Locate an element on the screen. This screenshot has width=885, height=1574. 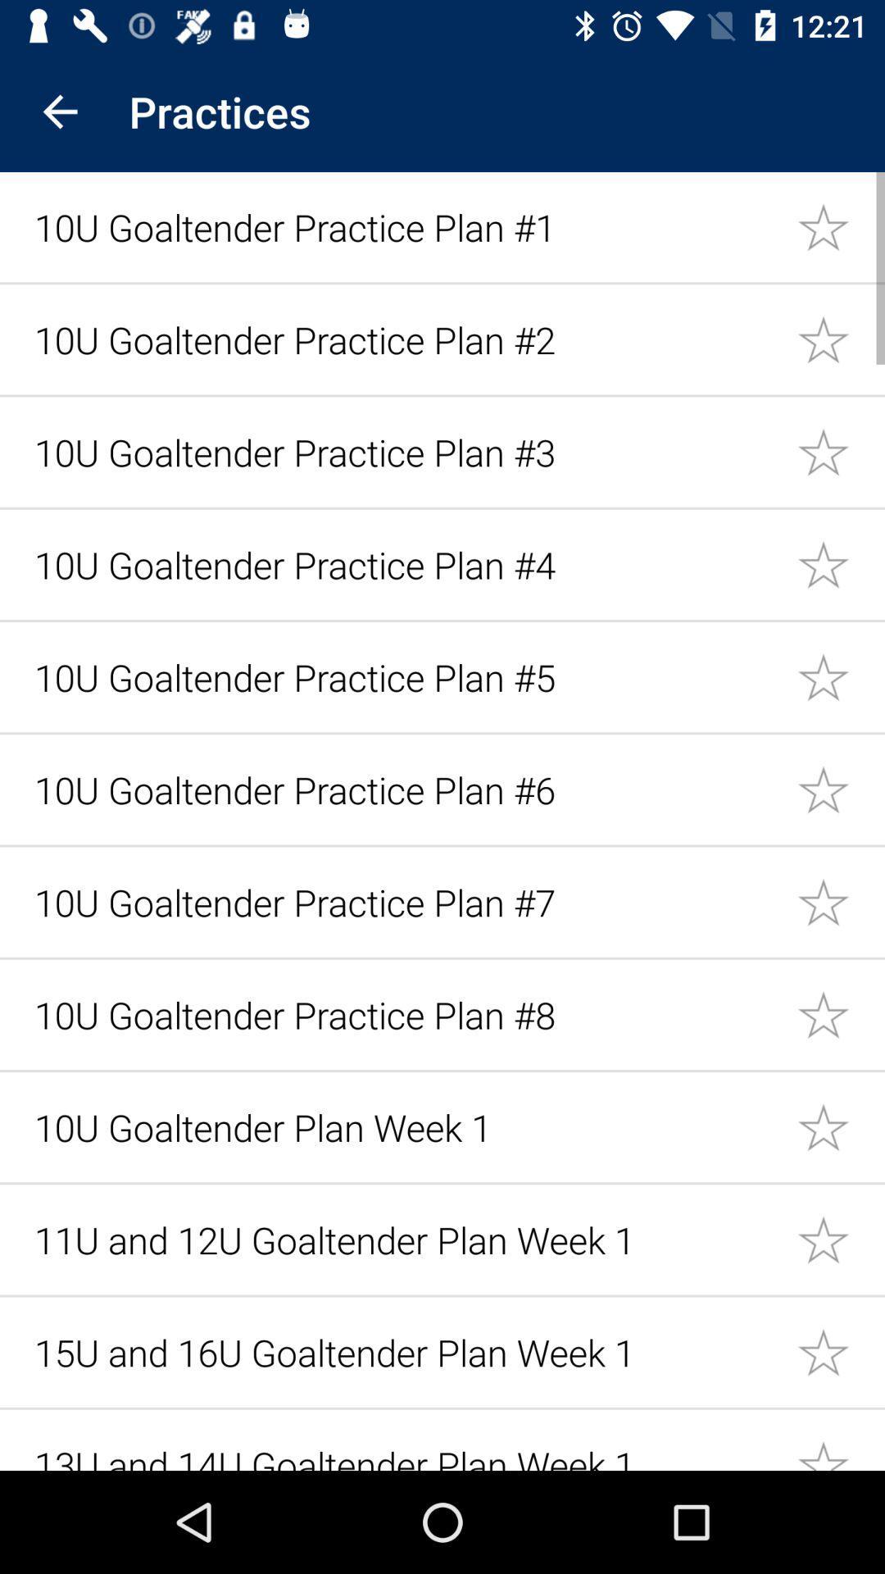
the icon next to the practices app is located at coordinates (59, 111).